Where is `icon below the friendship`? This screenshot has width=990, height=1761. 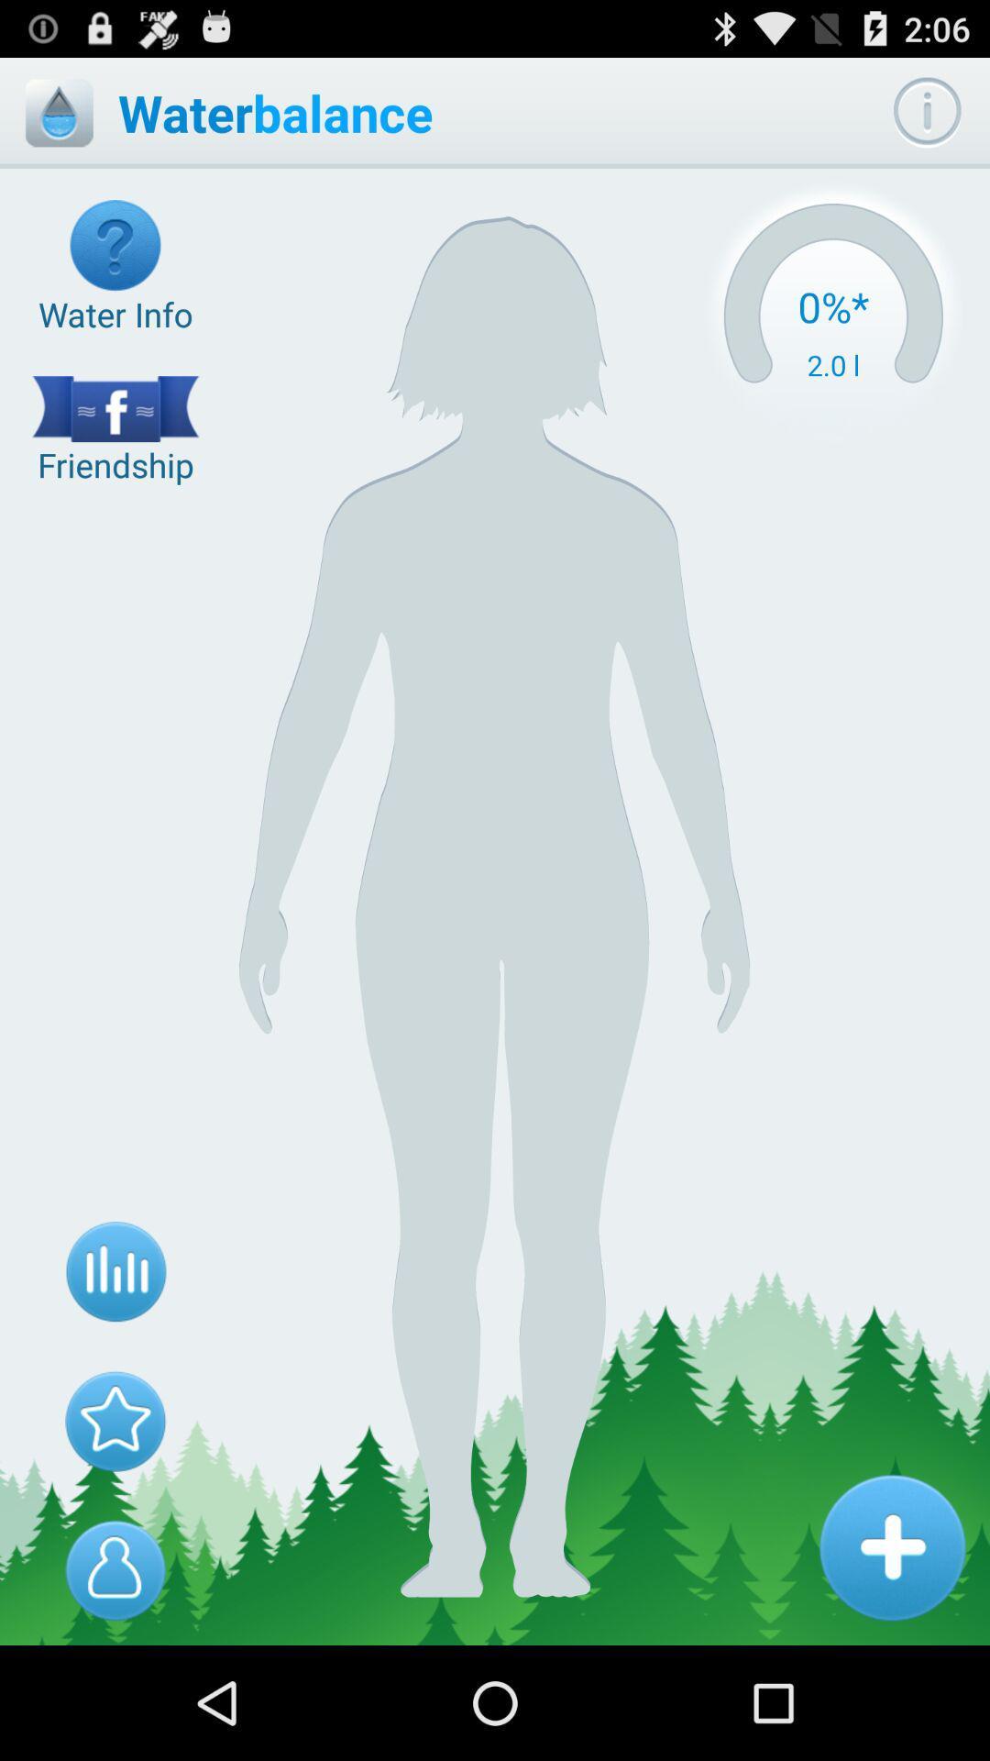 icon below the friendship is located at coordinates (115, 1271).